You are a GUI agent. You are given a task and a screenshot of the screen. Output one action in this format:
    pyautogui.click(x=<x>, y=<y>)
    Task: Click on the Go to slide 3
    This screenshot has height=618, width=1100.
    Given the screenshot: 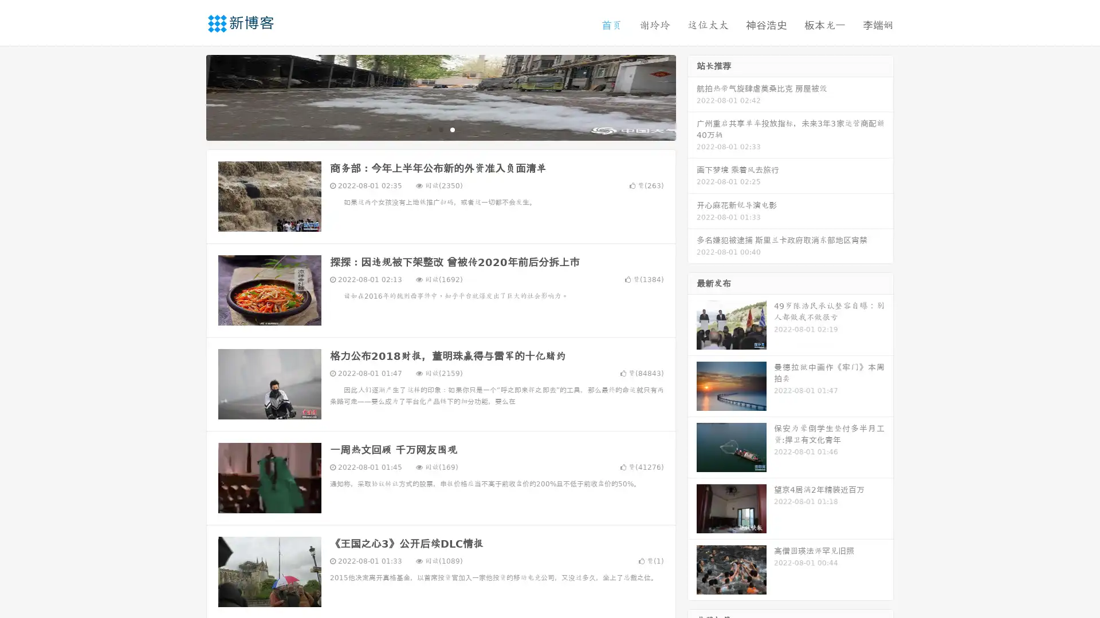 What is the action you would take?
    pyautogui.click(x=452, y=129)
    